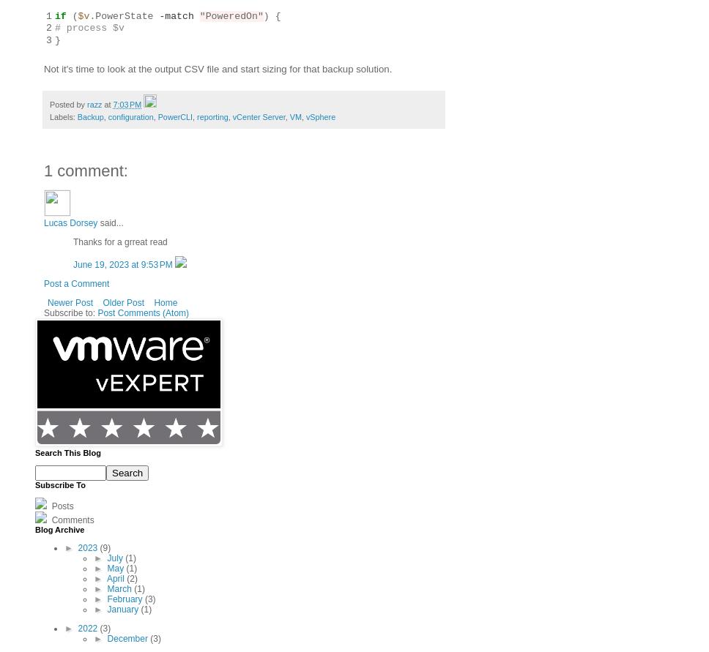  I want to click on '-match', so click(175, 15).